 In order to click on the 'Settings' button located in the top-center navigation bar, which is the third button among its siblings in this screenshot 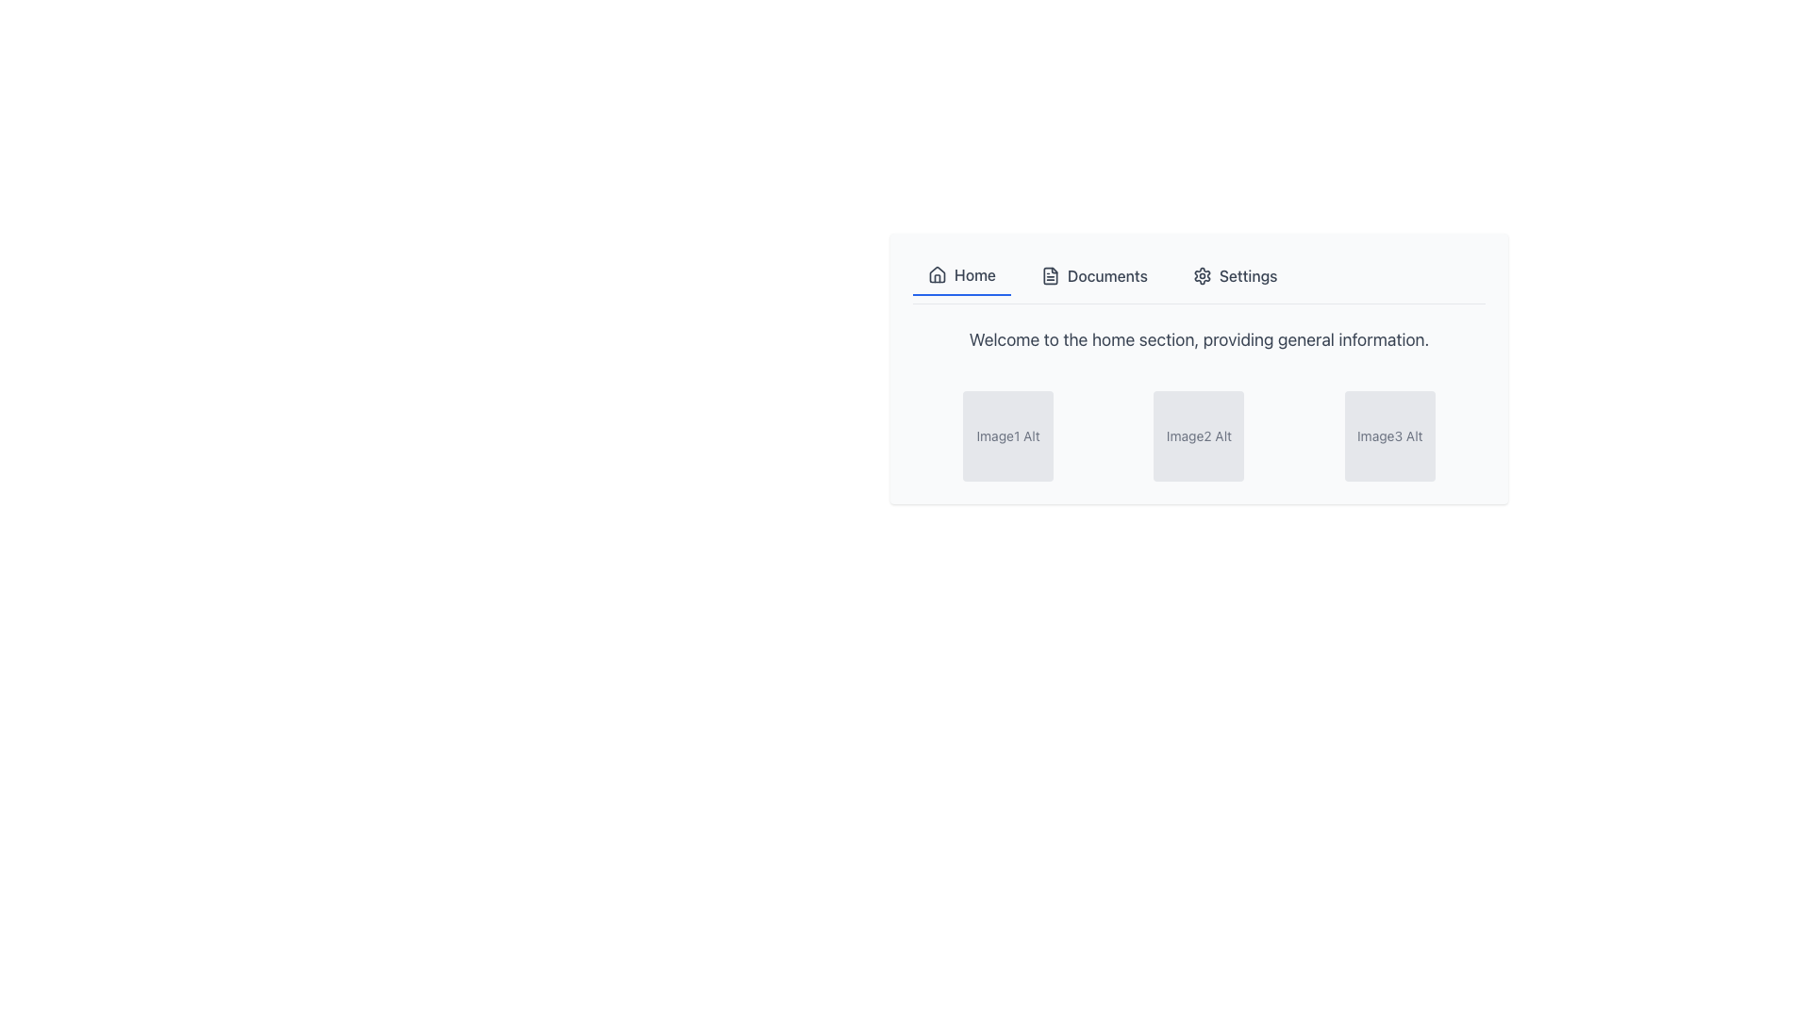, I will do `click(1235, 276)`.